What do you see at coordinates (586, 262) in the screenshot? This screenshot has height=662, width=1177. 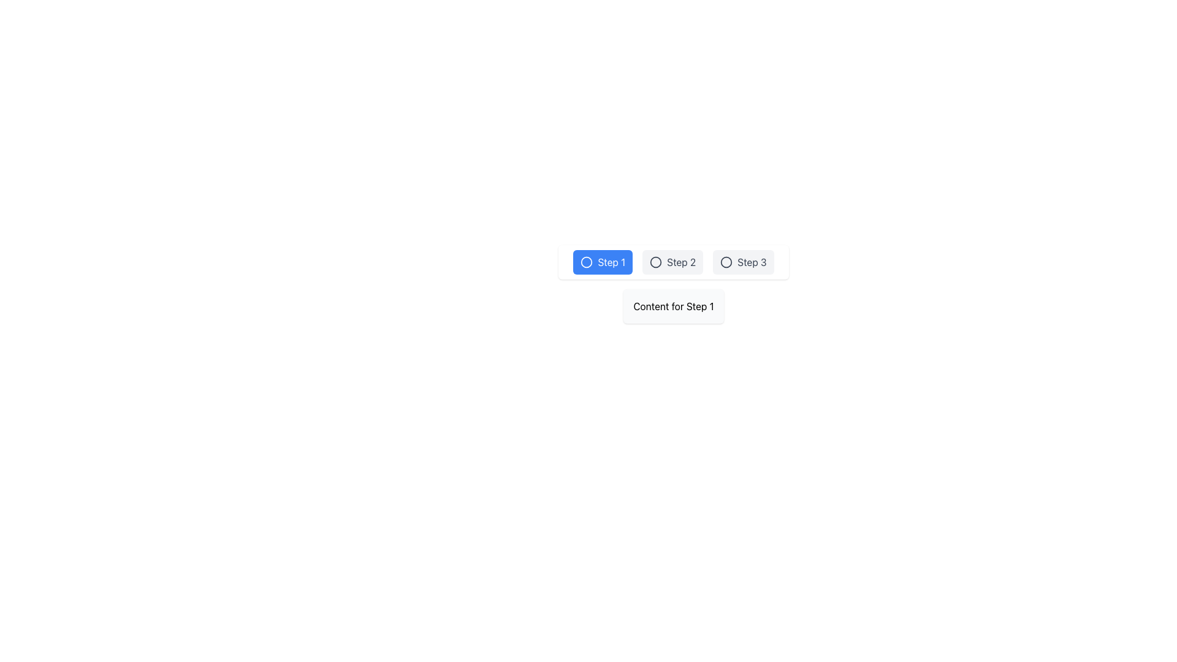 I see `the circular SVG icon located to the left of the 'Step 1' button` at bounding box center [586, 262].